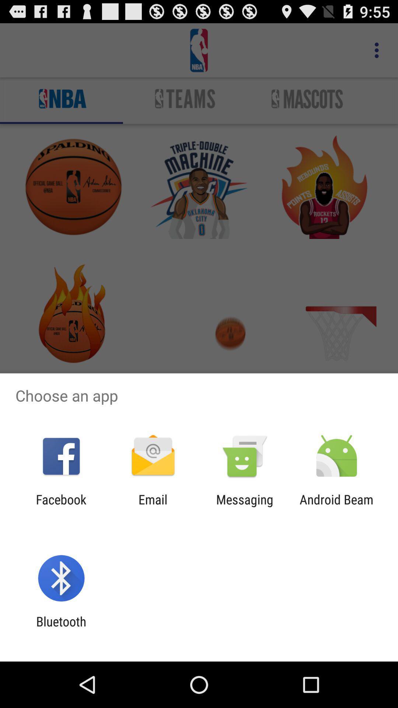  I want to click on the icon next to email app, so click(245, 507).